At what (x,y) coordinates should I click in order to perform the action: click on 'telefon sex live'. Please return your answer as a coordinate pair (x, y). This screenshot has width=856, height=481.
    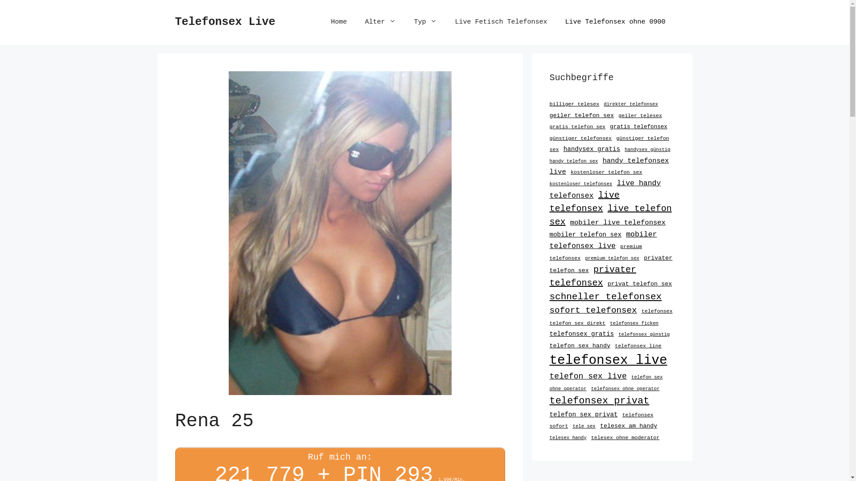
    Looking at the image, I should click on (588, 376).